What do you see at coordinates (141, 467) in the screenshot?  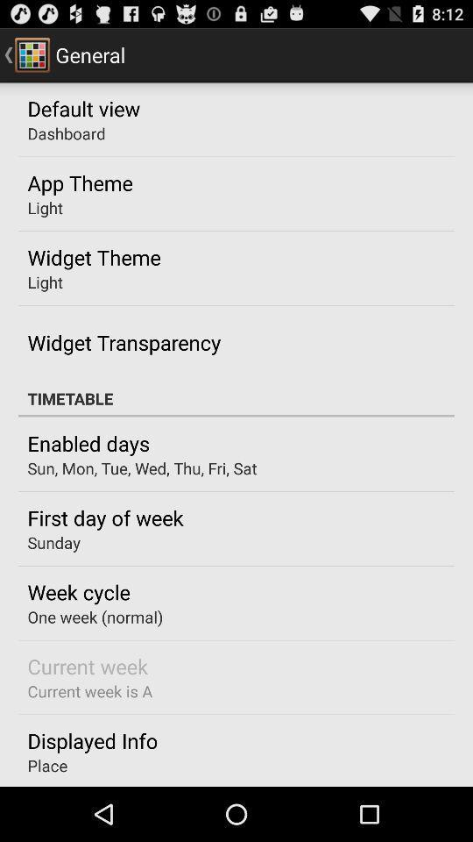 I see `sun mon tue item` at bounding box center [141, 467].